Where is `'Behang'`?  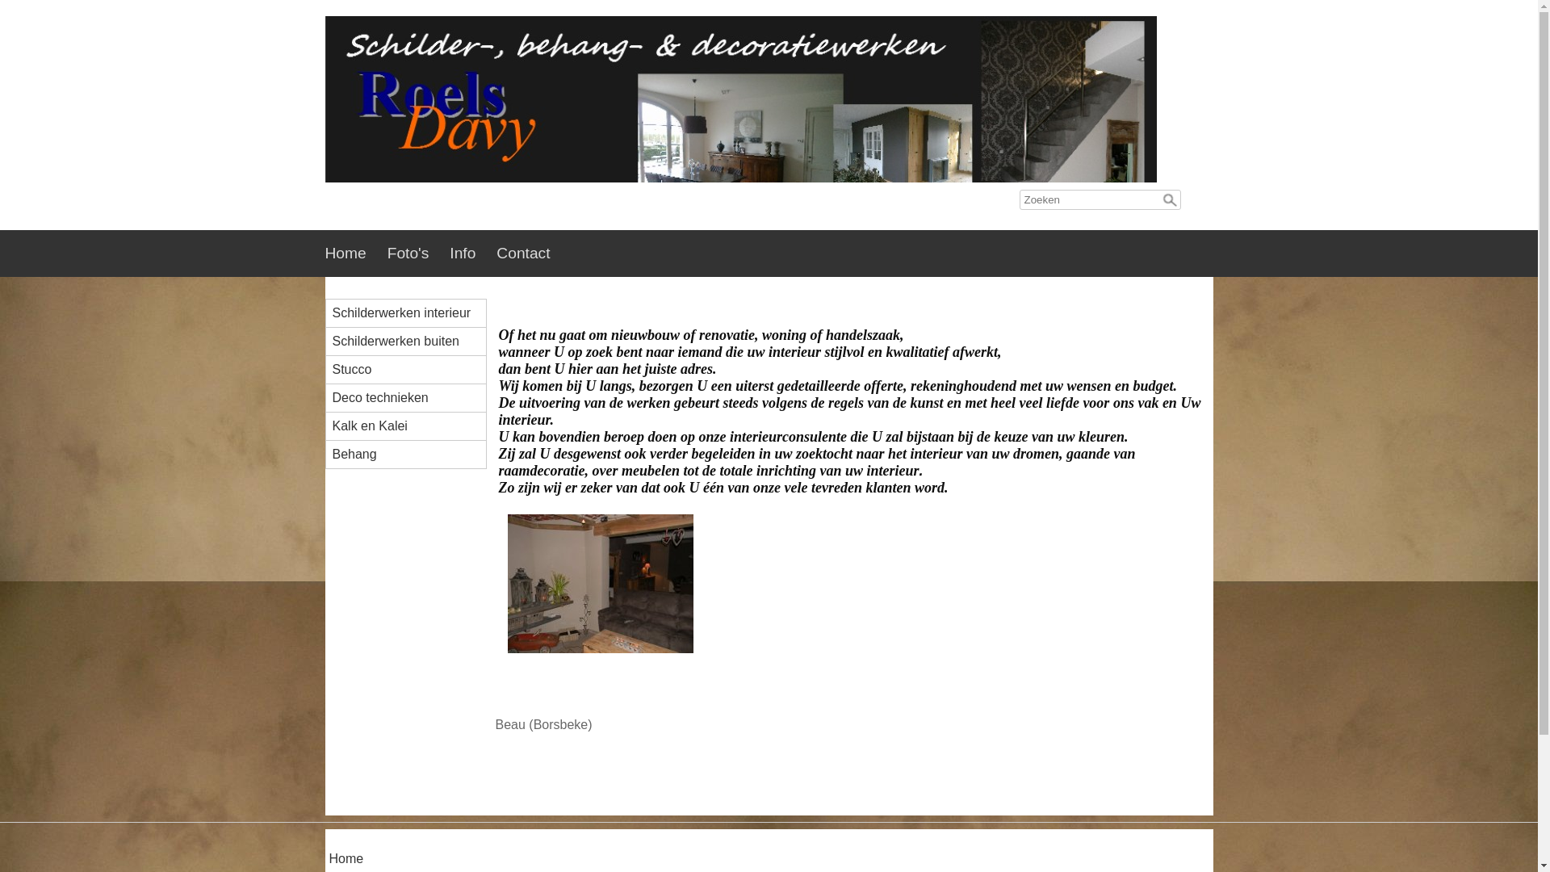
'Behang' is located at coordinates (412, 455).